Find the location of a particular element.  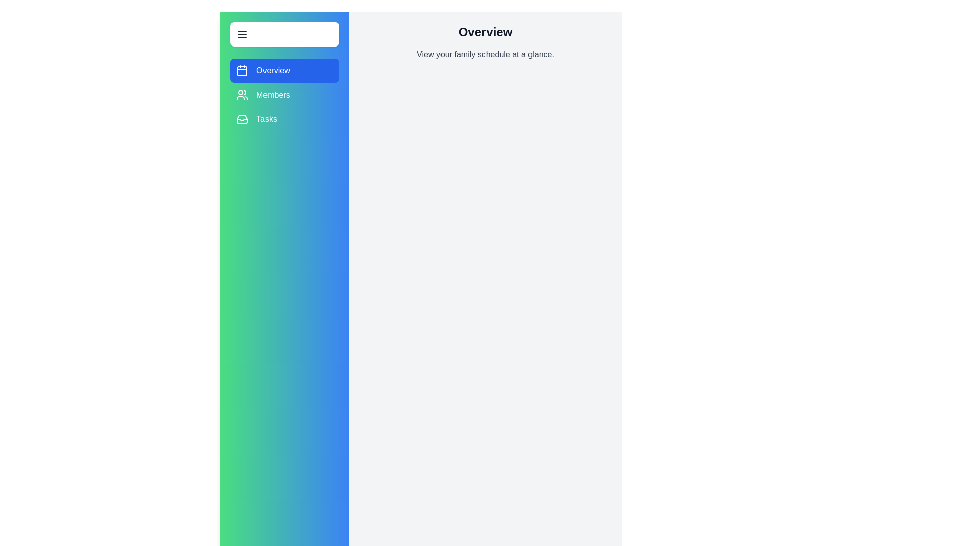

the Overview section from the menu is located at coordinates (284, 70).